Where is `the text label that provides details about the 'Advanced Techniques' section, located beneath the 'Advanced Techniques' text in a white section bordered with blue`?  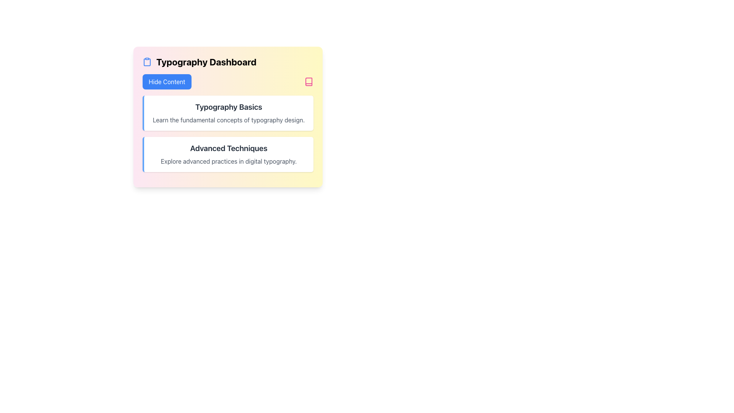 the text label that provides details about the 'Advanced Techniques' section, located beneath the 'Advanced Techniques' text in a white section bordered with blue is located at coordinates (228, 161).